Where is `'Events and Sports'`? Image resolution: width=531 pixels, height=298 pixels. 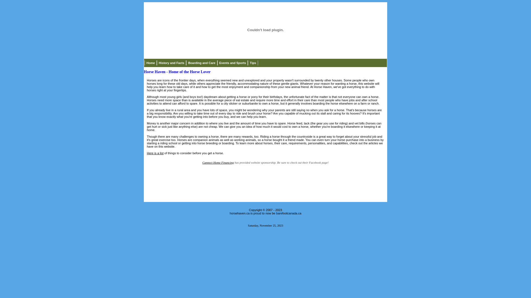
'Events and Sports' is located at coordinates (233, 62).